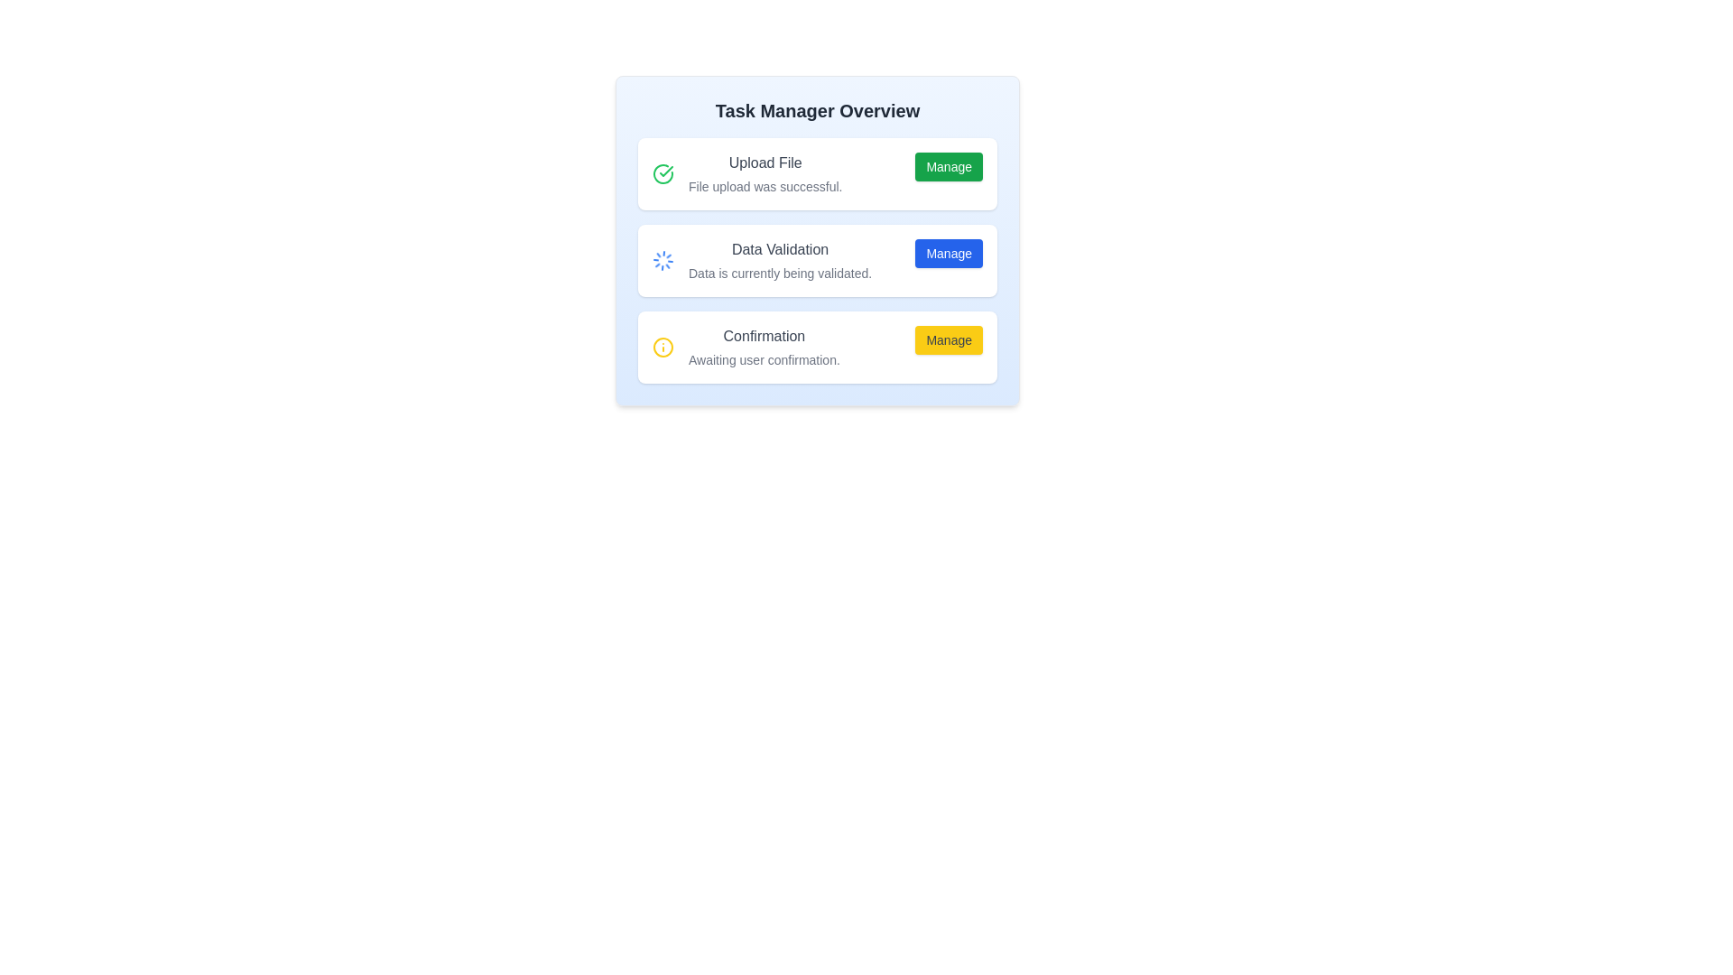  What do you see at coordinates (662, 261) in the screenshot?
I see `the circular loading spinner icon with a thin blue outline located in the second row of the 'Task Manager Overview' UI card, adjacent to 'Data Validation'` at bounding box center [662, 261].